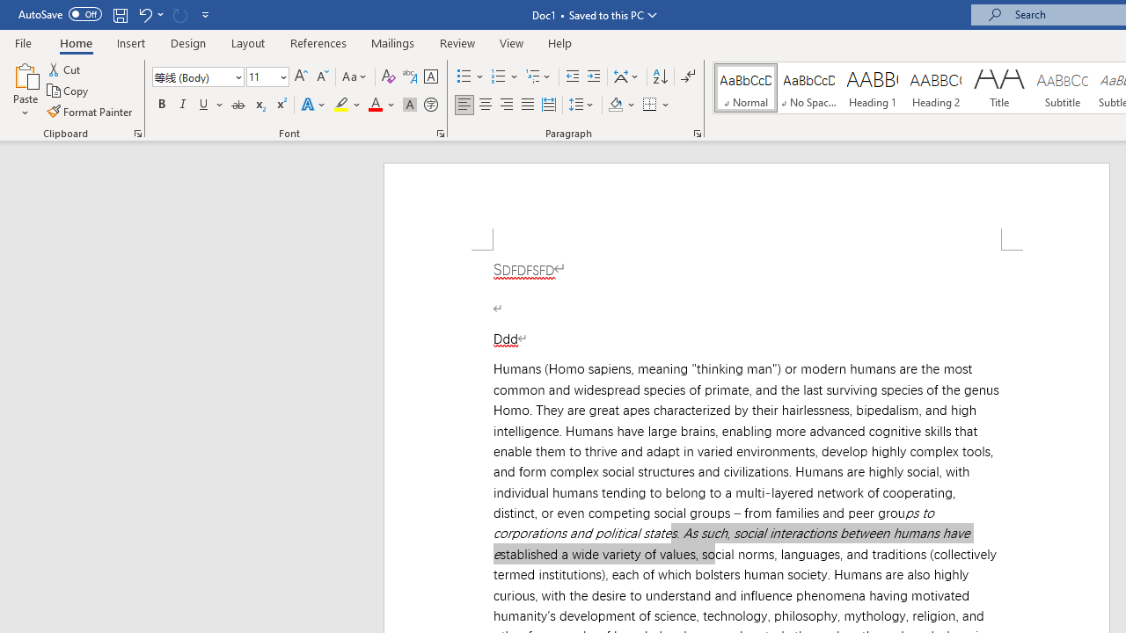  What do you see at coordinates (161, 105) in the screenshot?
I see `'Bold'` at bounding box center [161, 105].